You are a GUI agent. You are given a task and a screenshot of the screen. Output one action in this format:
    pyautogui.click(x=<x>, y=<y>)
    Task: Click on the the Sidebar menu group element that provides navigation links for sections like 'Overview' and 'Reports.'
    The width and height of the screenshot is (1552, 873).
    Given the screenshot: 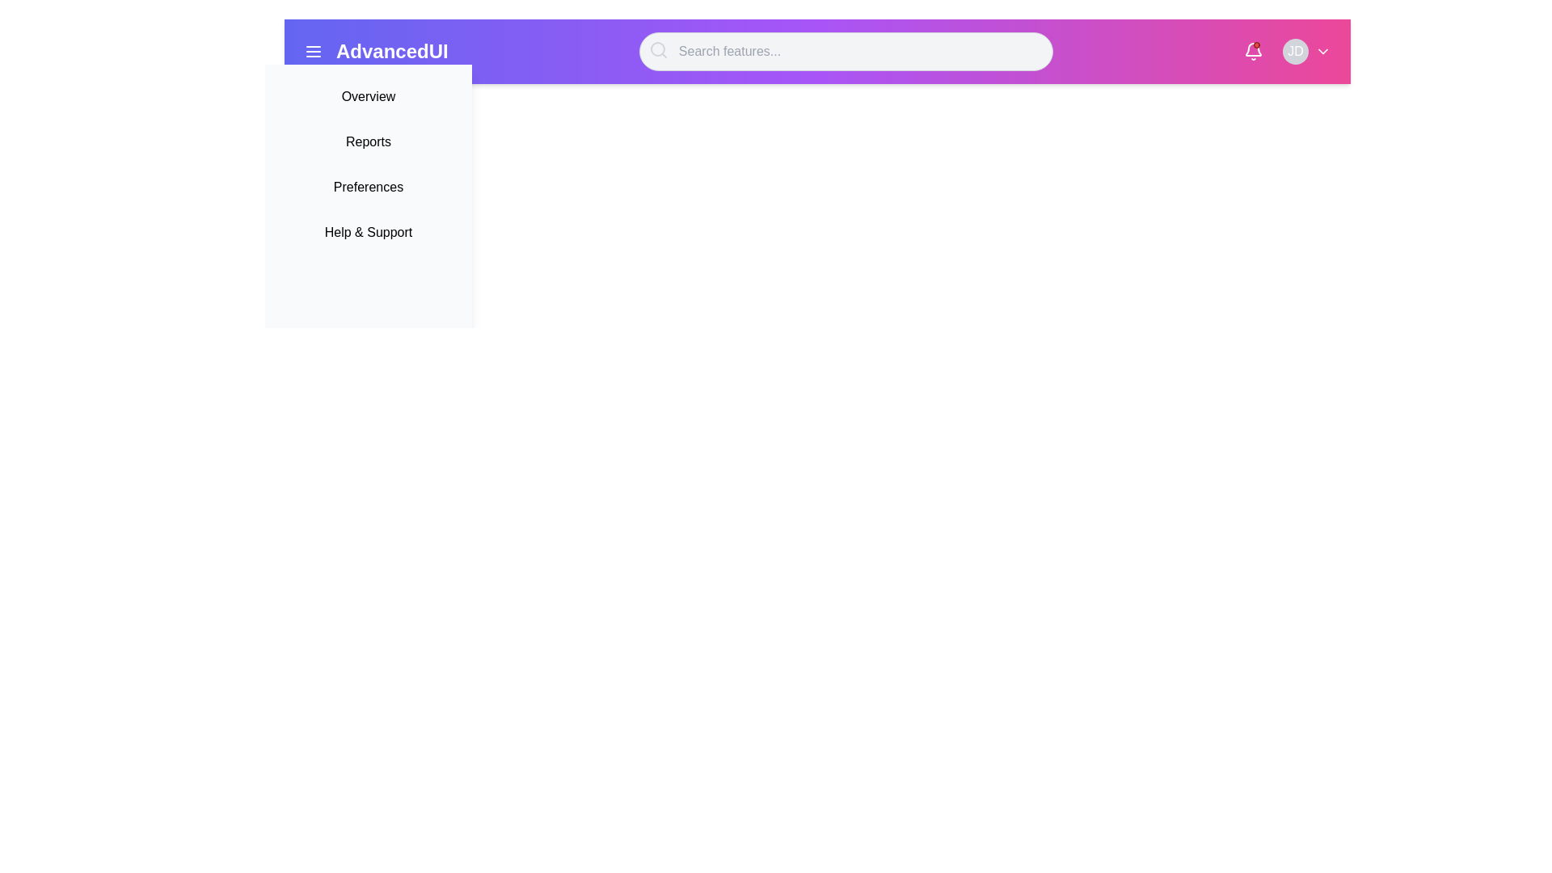 What is the action you would take?
    pyautogui.click(x=368, y=165)
    